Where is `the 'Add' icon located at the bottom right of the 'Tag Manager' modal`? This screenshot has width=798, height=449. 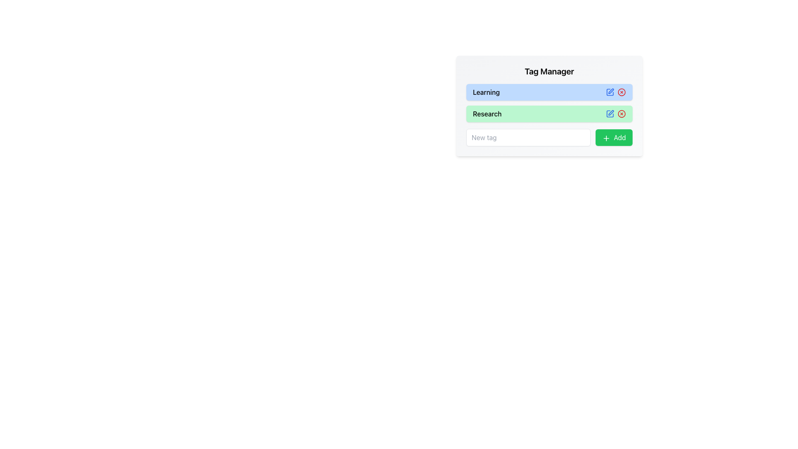
the 'Add' icon located at the bottom right of the 'Tag Manager' modal is located at coordinates (606, 138).